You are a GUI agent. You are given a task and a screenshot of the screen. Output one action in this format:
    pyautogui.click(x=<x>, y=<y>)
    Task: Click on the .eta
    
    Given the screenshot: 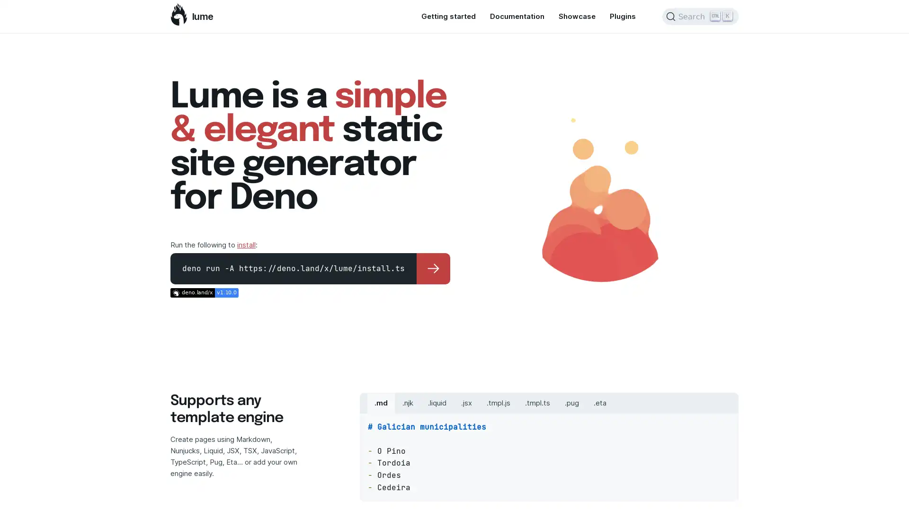 What is the action you would take?
    pyautogui.click(x=599, y=403)
    